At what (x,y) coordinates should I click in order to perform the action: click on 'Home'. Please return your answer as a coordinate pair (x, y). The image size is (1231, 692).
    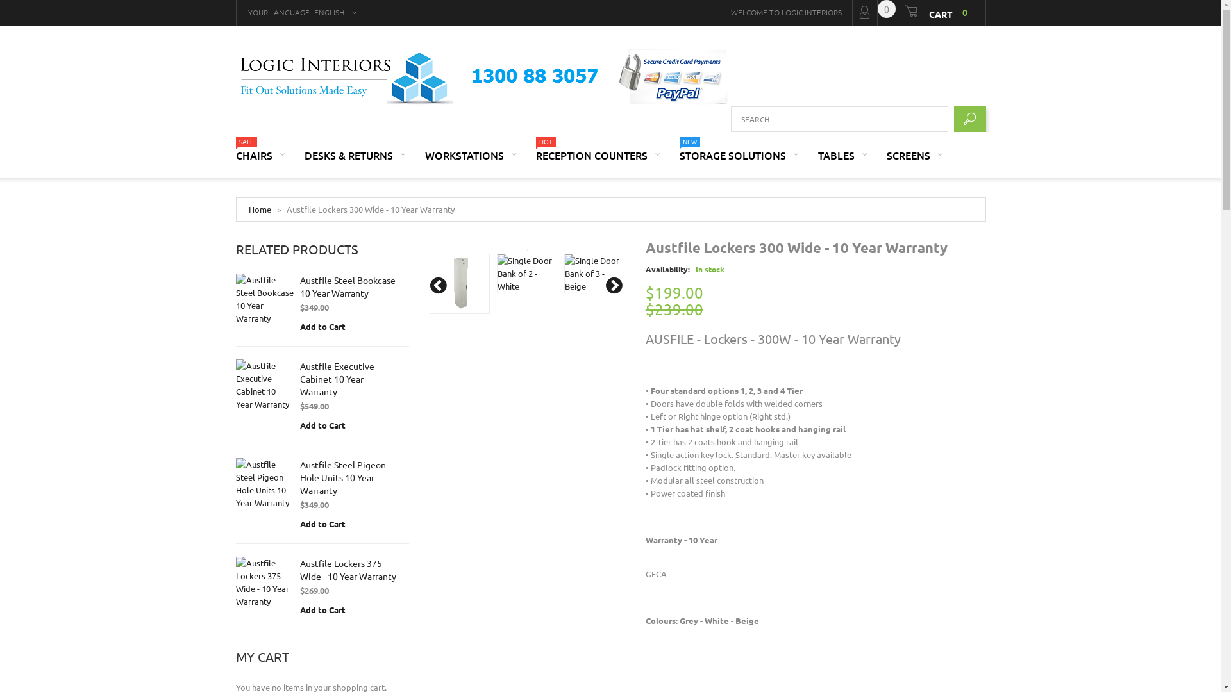
    Looking at the image, I should click on (259, 208).